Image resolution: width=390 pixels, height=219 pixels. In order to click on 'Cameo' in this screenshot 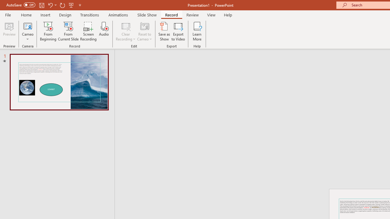, I will do `click(27, 31)`.